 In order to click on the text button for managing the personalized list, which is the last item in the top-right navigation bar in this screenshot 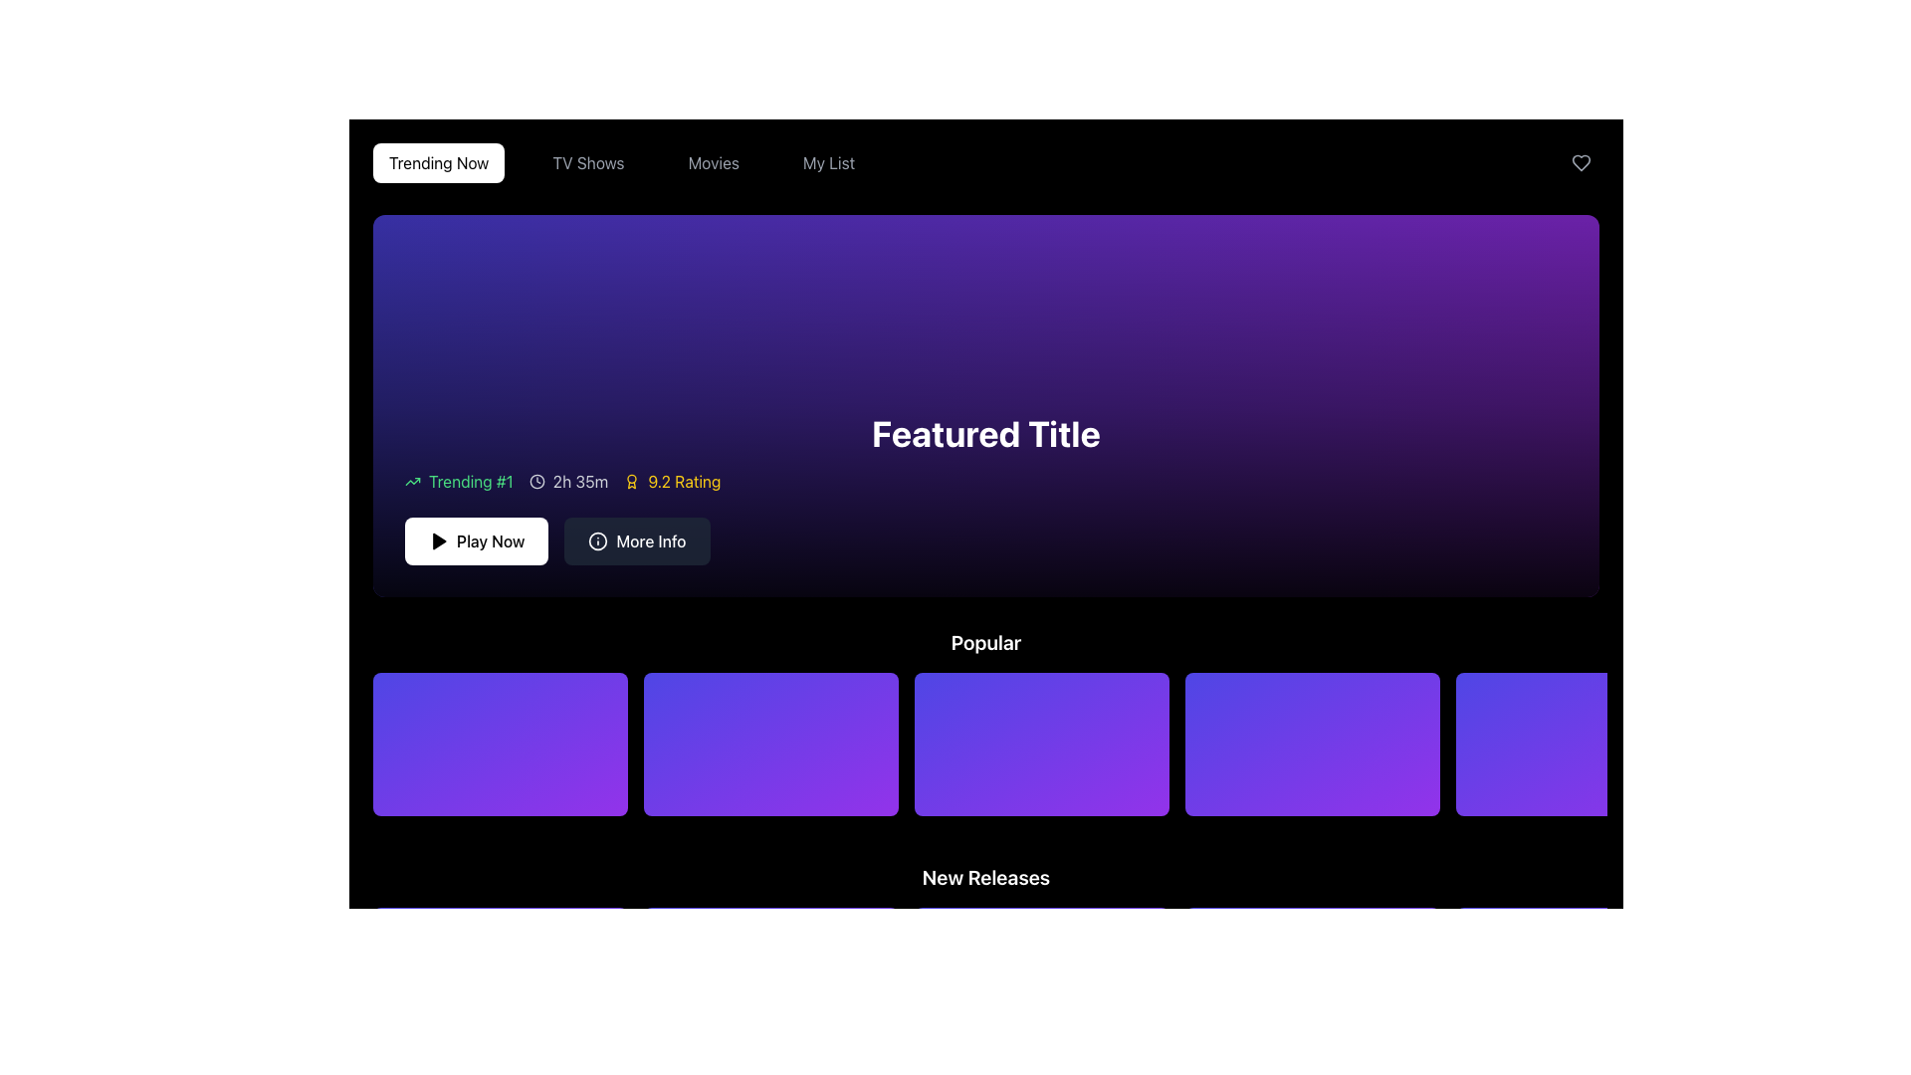, I will do `click(828, 162)`.